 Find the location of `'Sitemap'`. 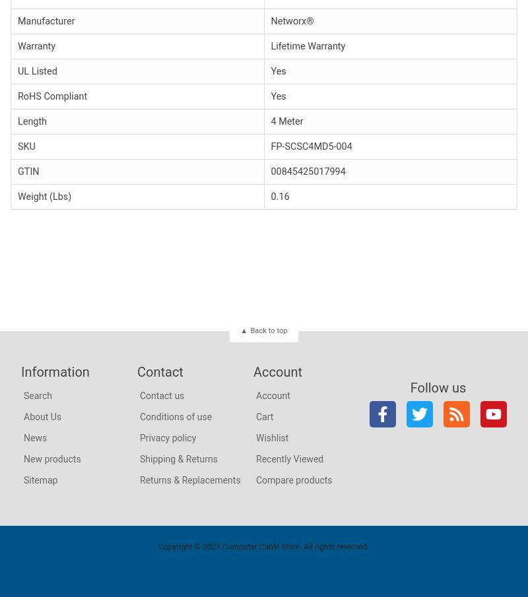

'Sitemap' is located at coordinates (40, 479).